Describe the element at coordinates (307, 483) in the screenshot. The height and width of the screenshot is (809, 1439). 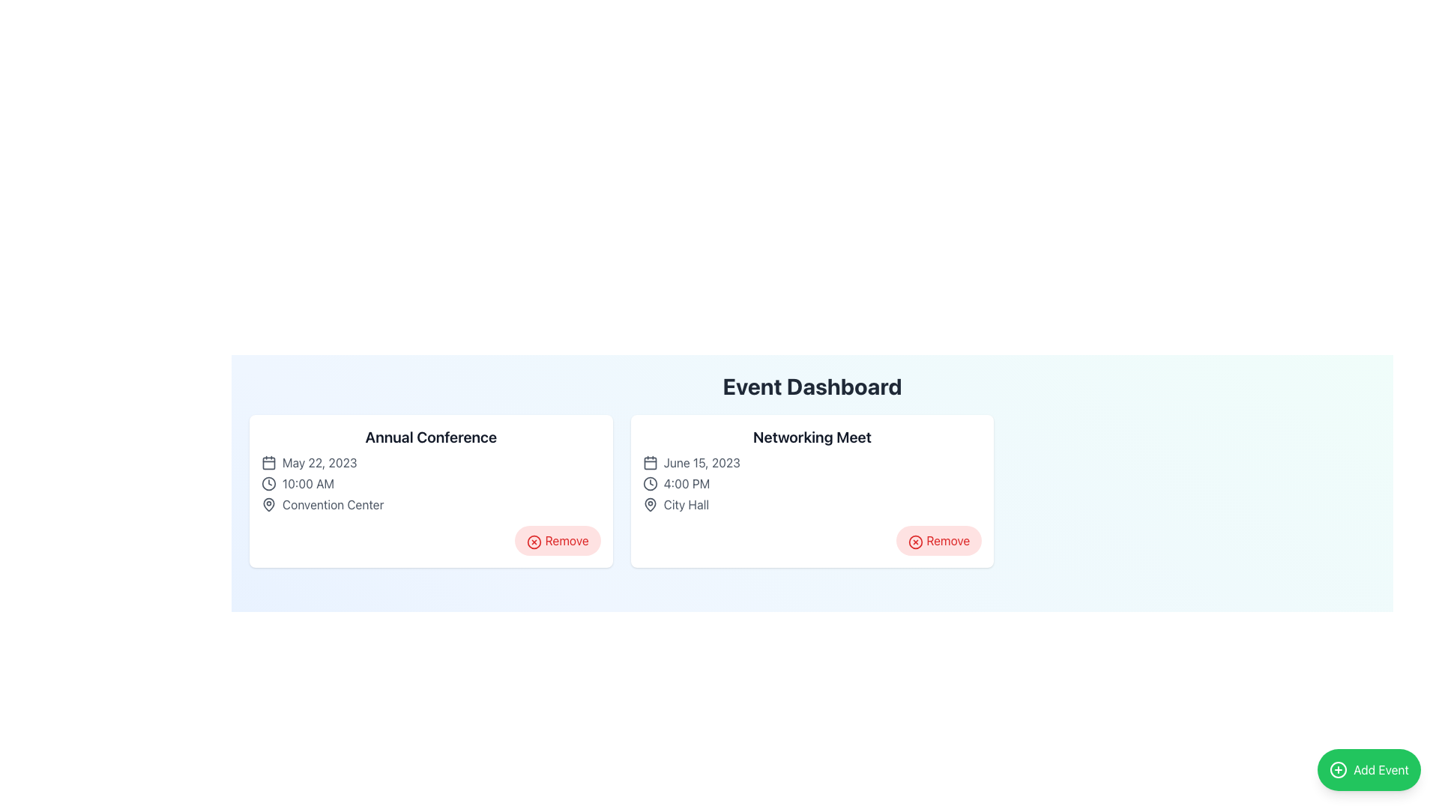
I see `displayed time from the text label located under the 'Annual Conference' heading in the 'Event Dashboard' layout, next to the clock icon and above the text 'Convention Center'` at that location.